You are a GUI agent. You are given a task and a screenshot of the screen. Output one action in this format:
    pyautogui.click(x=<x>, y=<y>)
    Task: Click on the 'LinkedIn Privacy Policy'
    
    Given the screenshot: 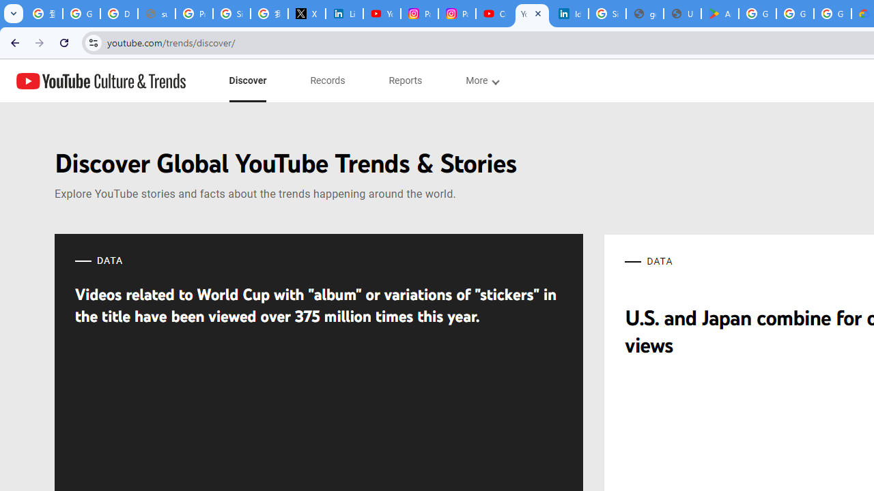 What is the action you would take?
    pyautogui.click(x=344, y=14)
    